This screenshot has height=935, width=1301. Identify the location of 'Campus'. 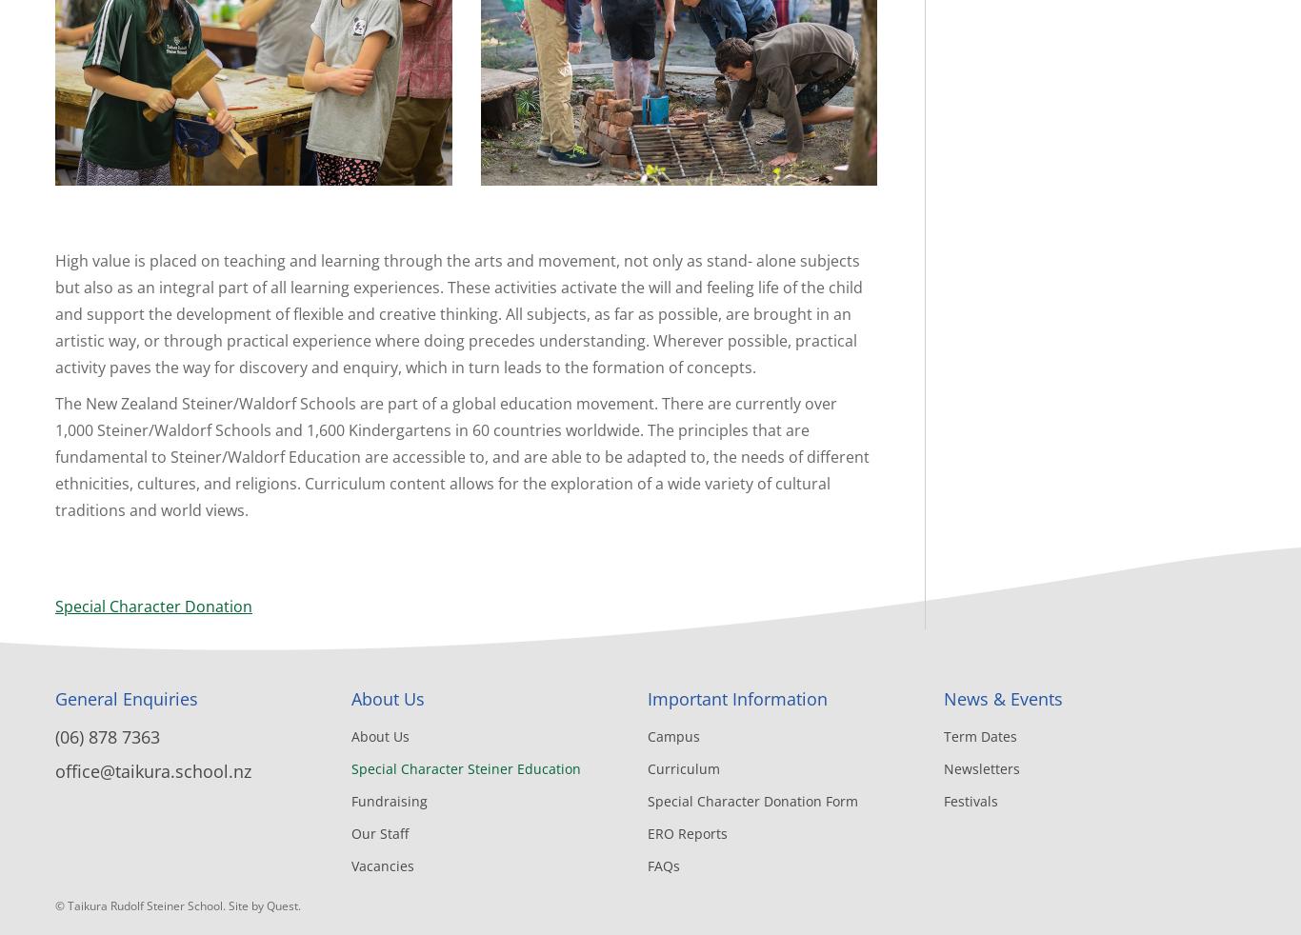
(646, 736).